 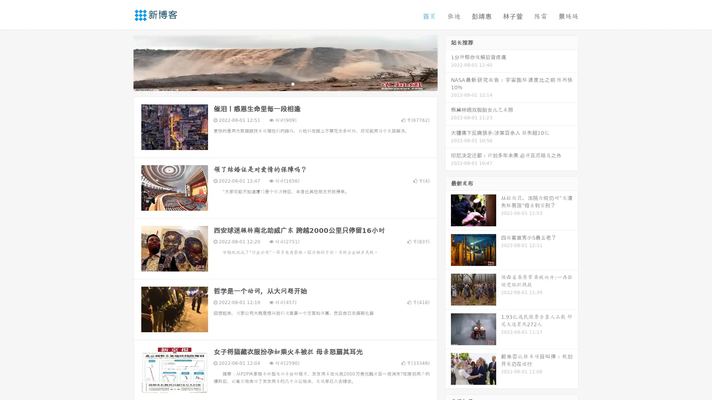 What do you see at coordinates (277, 83) in the screenshot?
I see `Go to slide 1` at bounding box center [277, 83].